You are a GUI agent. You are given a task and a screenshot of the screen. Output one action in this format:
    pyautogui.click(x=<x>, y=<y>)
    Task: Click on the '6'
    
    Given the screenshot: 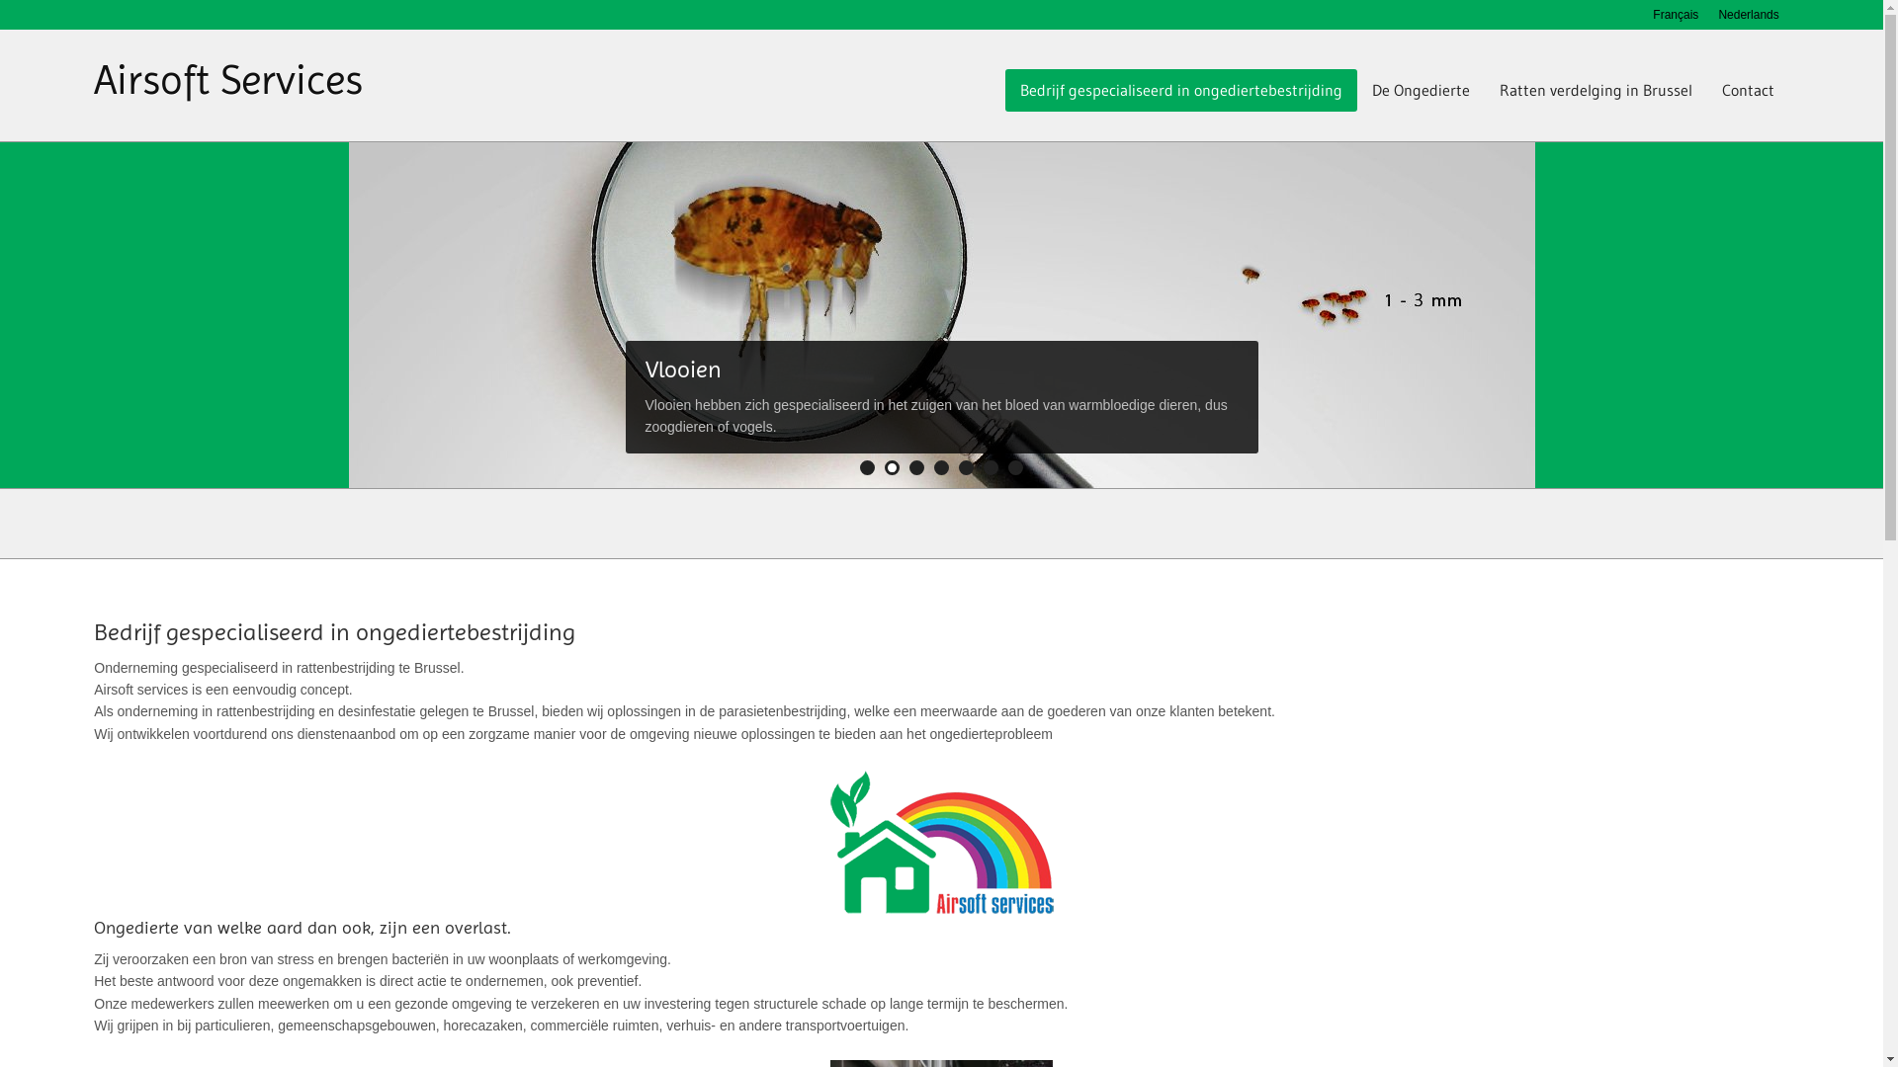 What is the action you would take?
    pyautogui.click(x=983, y=467)
    